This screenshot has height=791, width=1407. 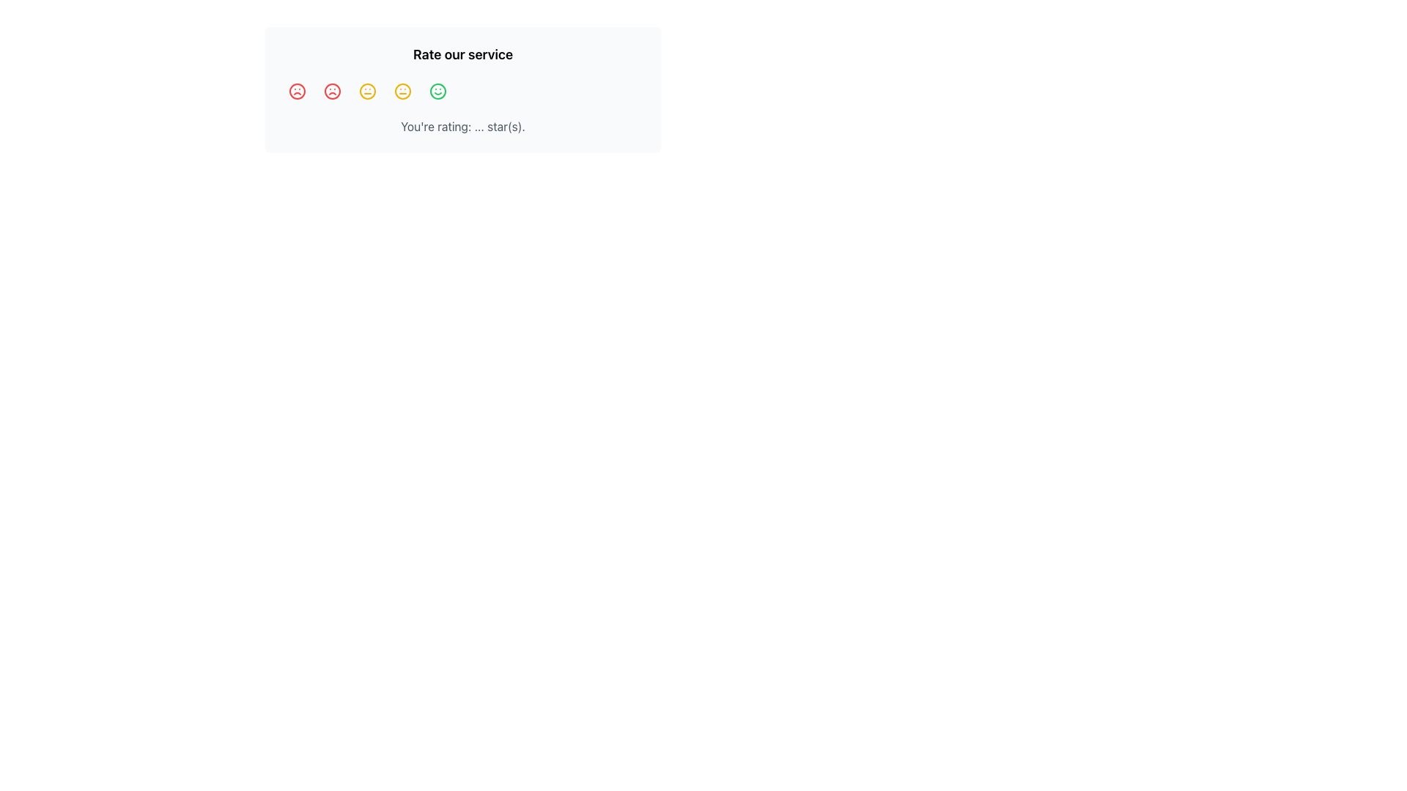 I want to click on the fifth emoticon icon representing the highest satisfaction rating in the 'Rate our service' panel, so click(x=437, y=91).